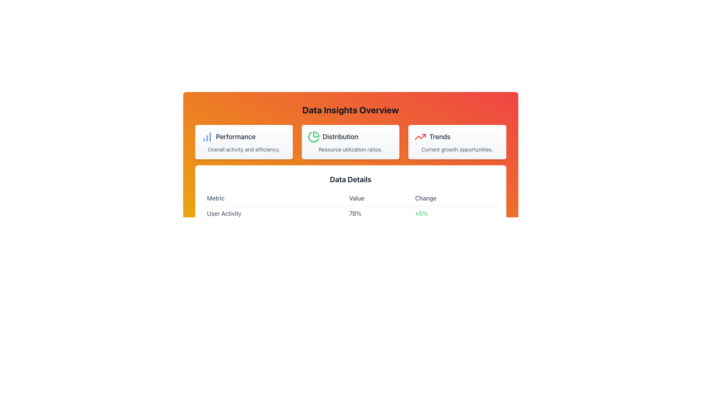 The width and height of the screenshot is (718, 404). I want to click on the Label with a green pie chart icon and the text 'Distribution', which is located at the top of the card beneath the 'Data Insights Overview' title, so click(350, 137).